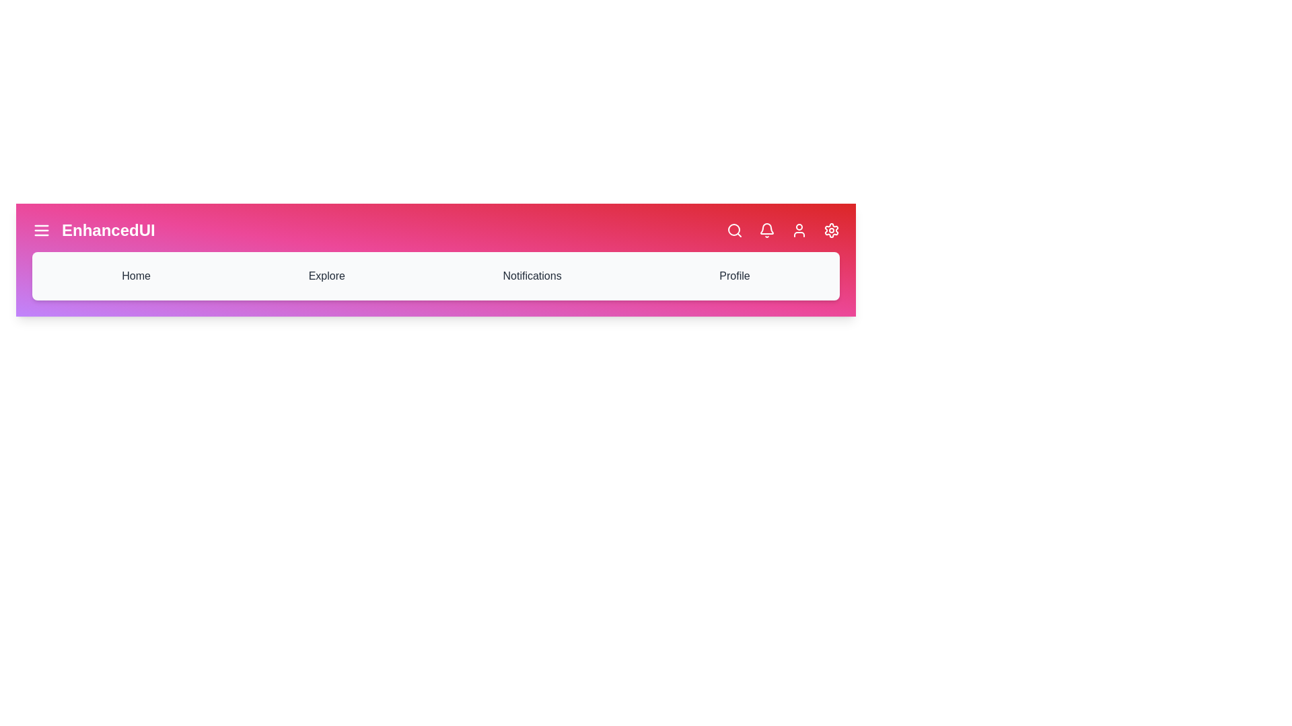  I want to click on the icon corresponding to Bell, so click(767, 230).